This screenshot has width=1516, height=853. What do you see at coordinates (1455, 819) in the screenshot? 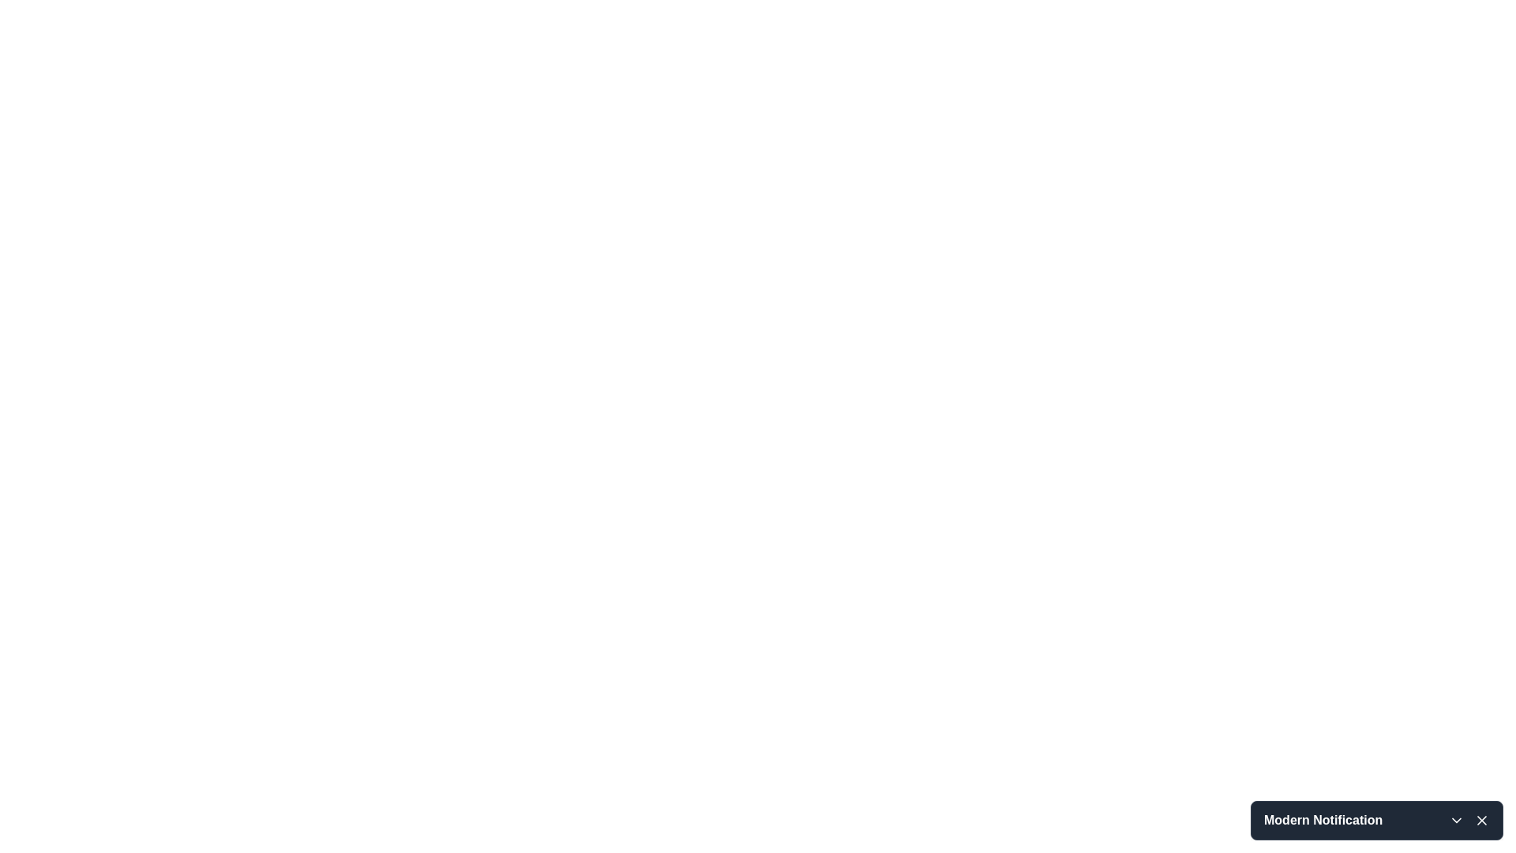
I see `the downward-facing chevron icon button, located at the bottom-right corner of the notification bar` at bounding box center [1455, 819].